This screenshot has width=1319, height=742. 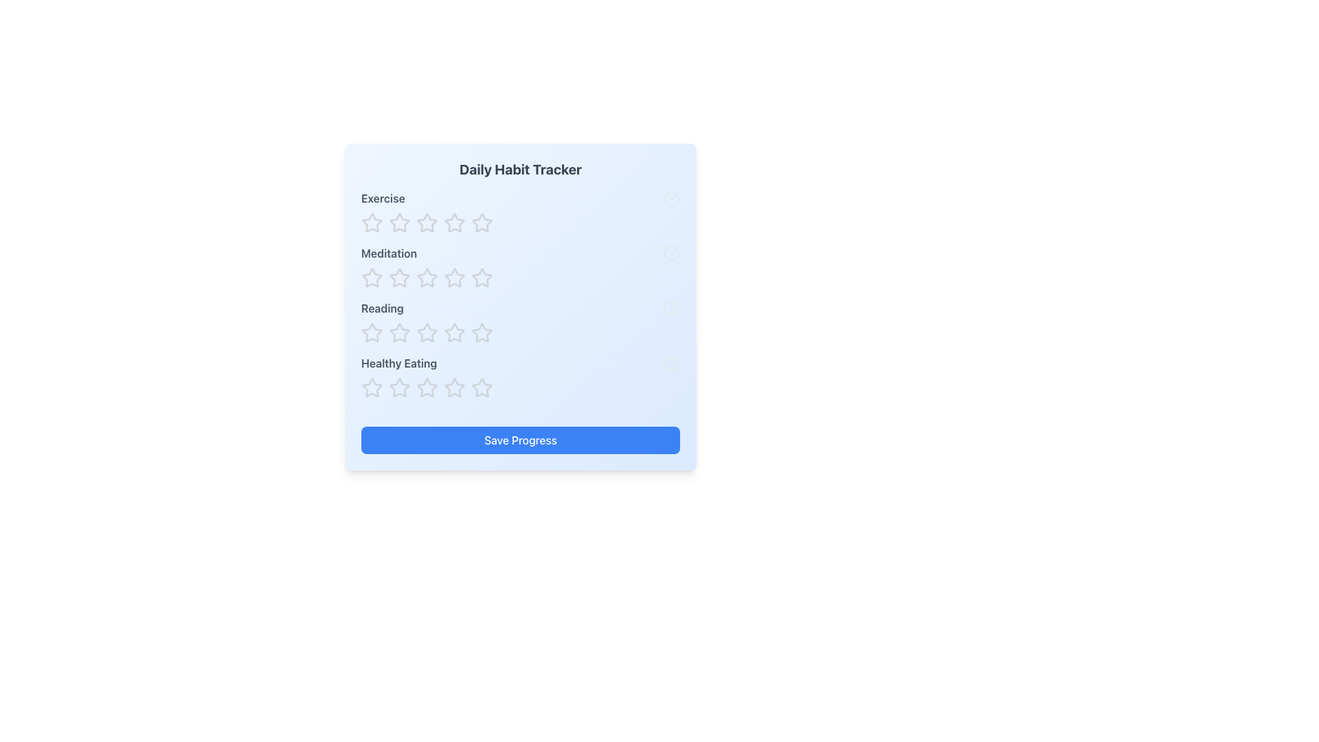 What do you see at coordinates (520, 387) in the screenshot?
I see `each star in the interactive star rating system for 'Healthy Eating'` at bounding box center [520, 387].